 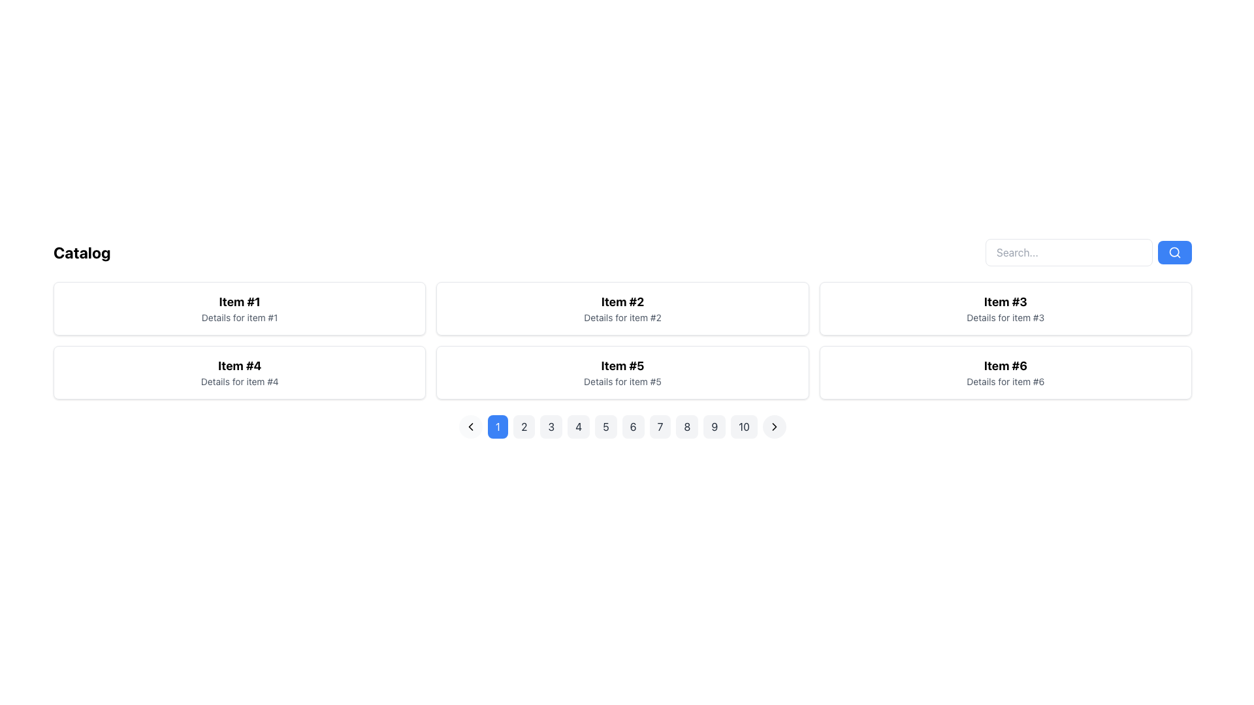 I want to click on the pagination button labeled '5' to navigate to the fifth page of content, so click(x=605, y=427).